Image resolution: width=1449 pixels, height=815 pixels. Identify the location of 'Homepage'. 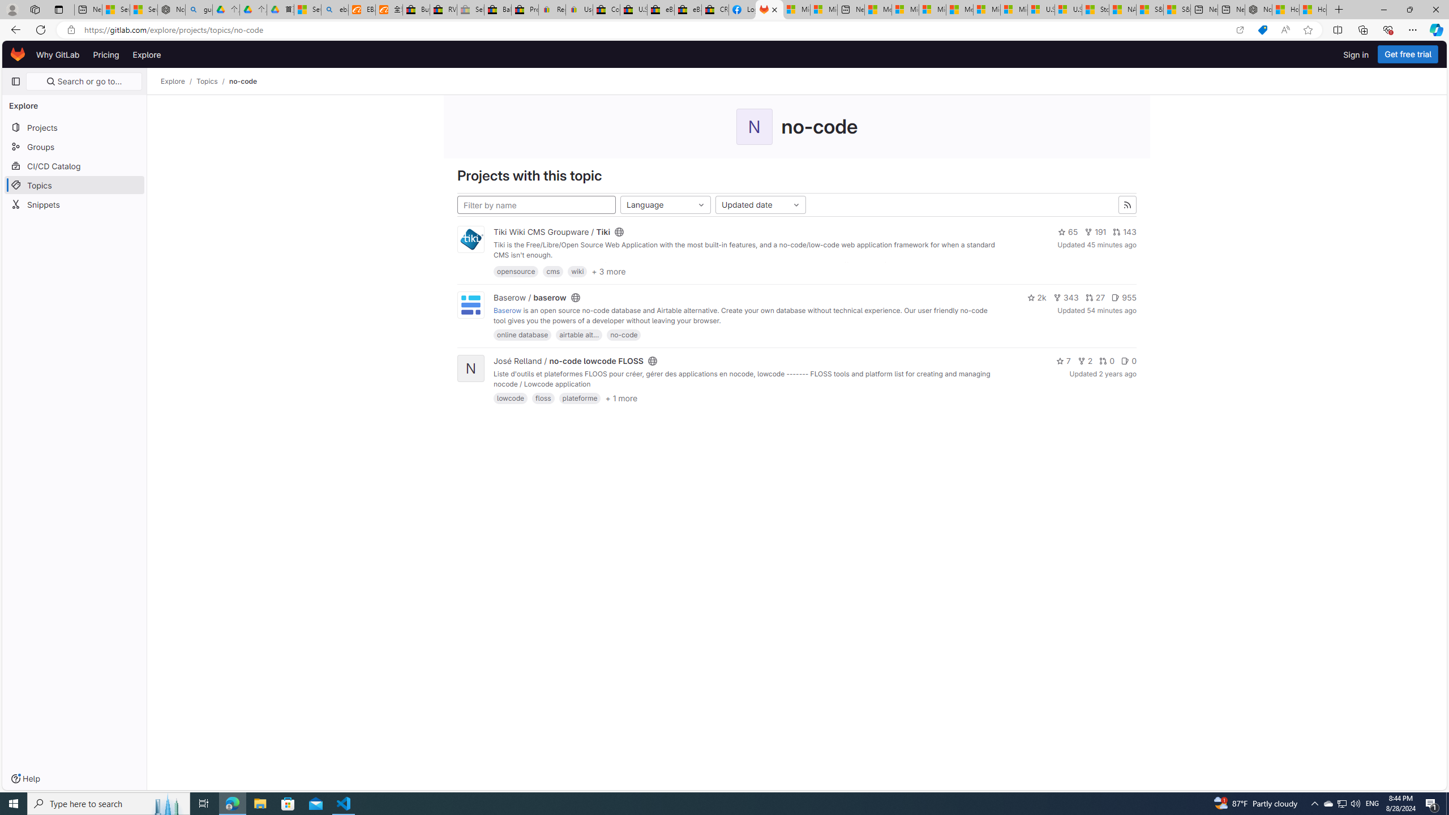
(18, 54).